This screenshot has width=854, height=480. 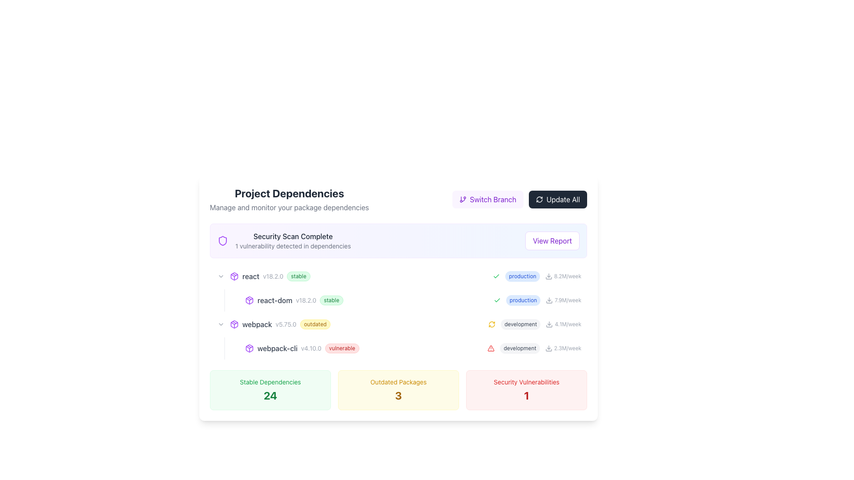 What do you see at coordinates (221, 324) in the screenshot?
I see `the toggle icon for expanding or collapsing the subsection under the 'webpack' dependency item, located in the fifth item of the nested list under 'Project Dependencies'` at bounding box center [221, 324].